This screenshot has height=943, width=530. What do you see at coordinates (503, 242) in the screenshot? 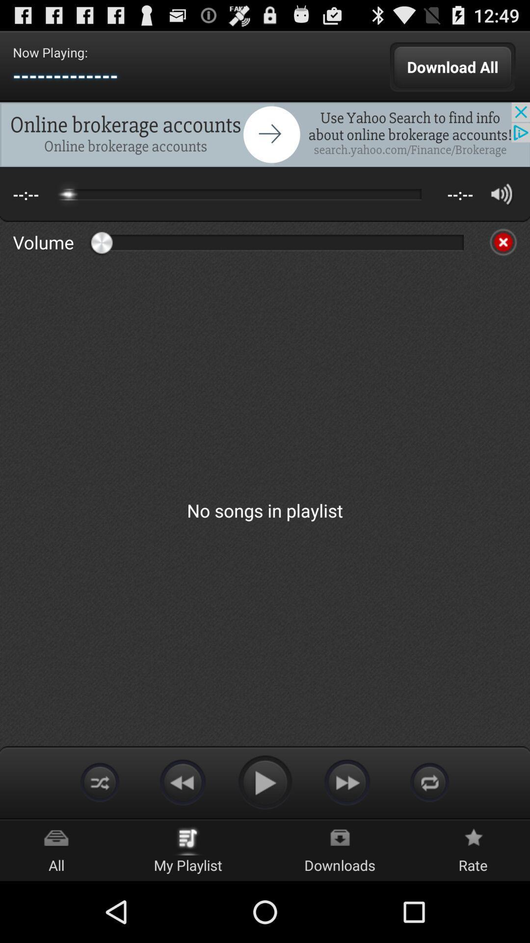
I see `volume` at bounding box center [503, 242].